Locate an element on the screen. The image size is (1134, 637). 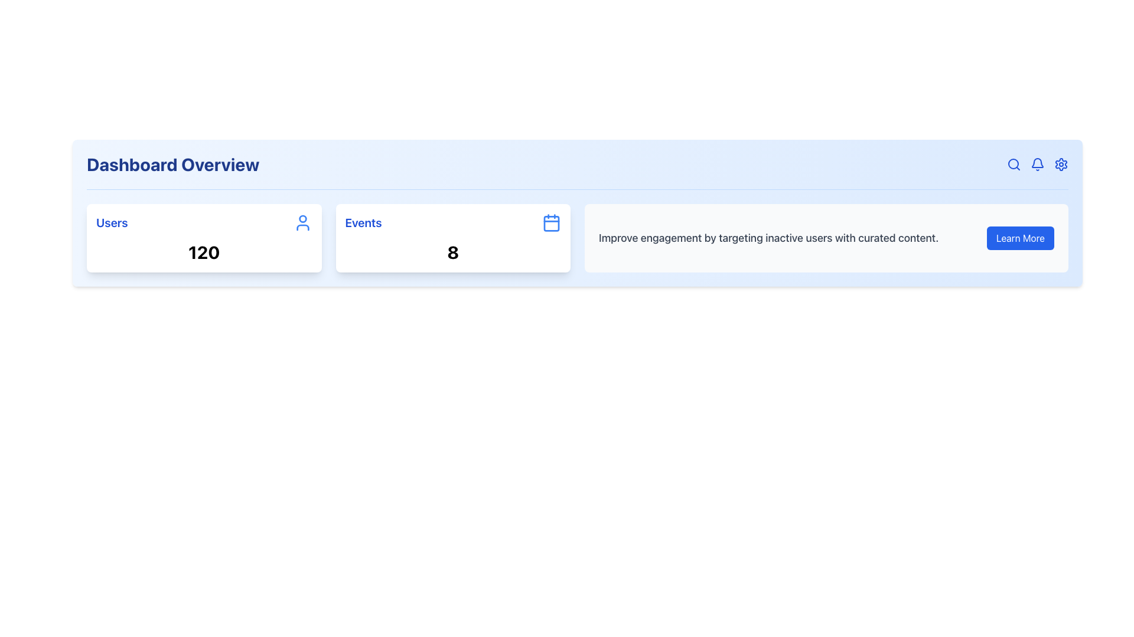
text from the title label located on the leftmost side of the first card in the dashboard under 'Dashboard Overview' is located at coordinates (112, 223).